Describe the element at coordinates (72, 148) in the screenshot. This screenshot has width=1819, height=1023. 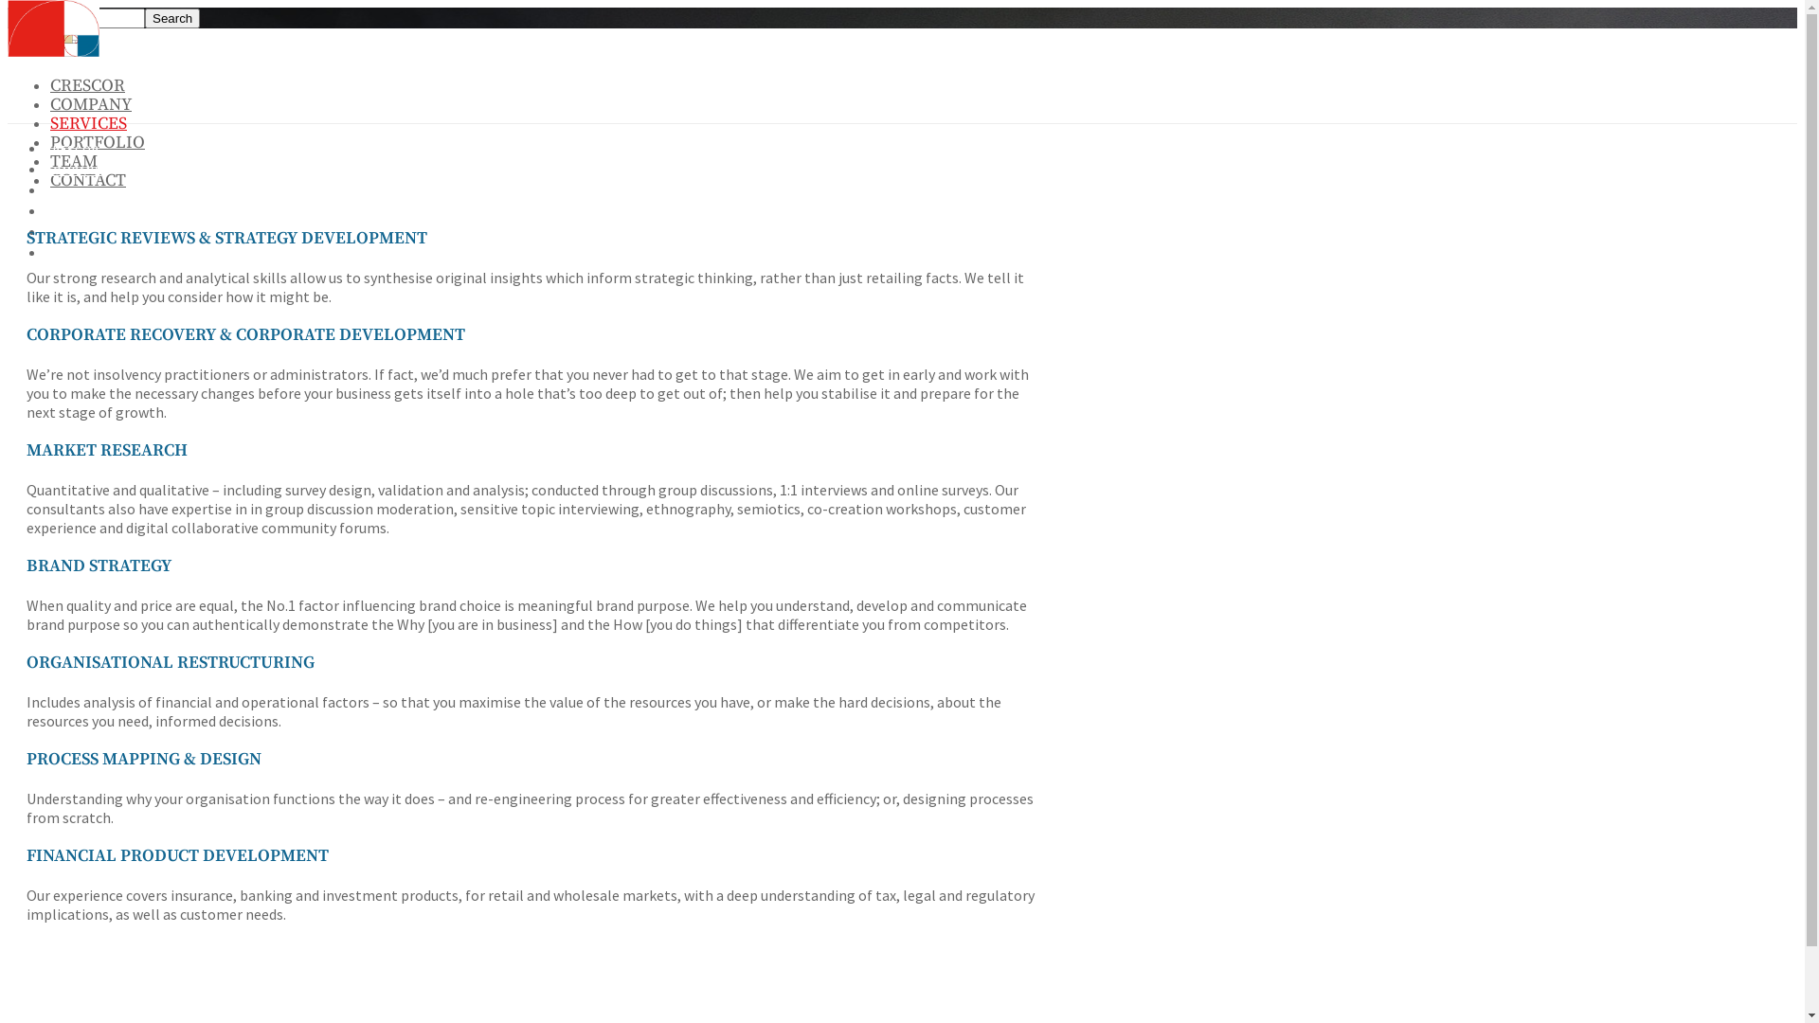
I see `'CRESCOR'` at that location.